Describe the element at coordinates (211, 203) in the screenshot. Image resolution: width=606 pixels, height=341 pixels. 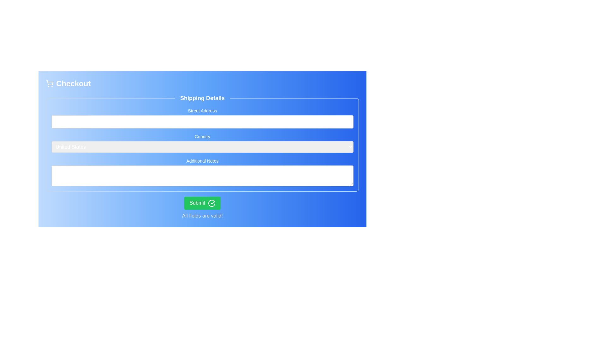
I see `the 'Submit' button that contains the visual indicator of successful submission, located at the bottom center of the form layout` at that location.